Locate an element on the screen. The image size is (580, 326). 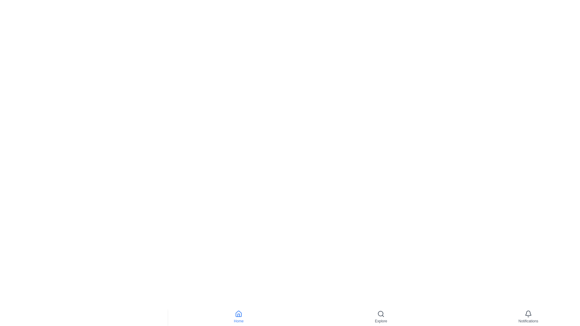
the Text Label located at the bottom right of the interface, which serves as a description for the magnifying glass icon above it is located at coordinates (381, 321).